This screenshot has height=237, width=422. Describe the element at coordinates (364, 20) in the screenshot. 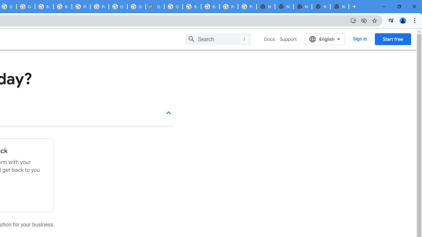

I see `'Third-party cookies blocked'` at that location.